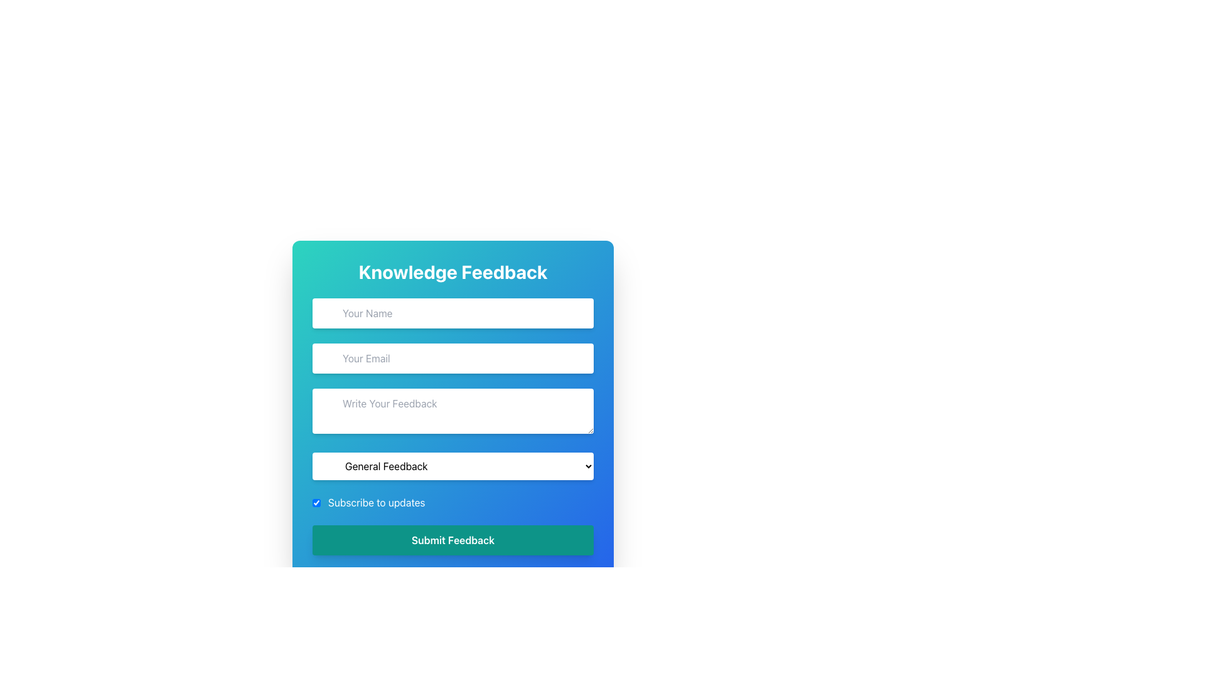  Describe the element at coordinates (376, 502) in the screenshot. I see `the text label that indicates the subscription preference for updates, located to the immediate right of the checkbox in the lower part of the form layout` at that location.